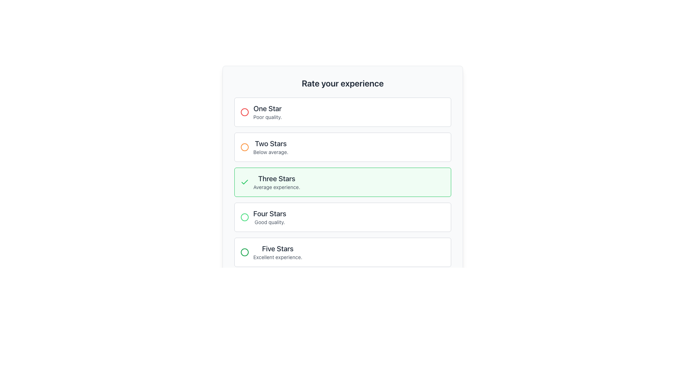  Describe the element at coordinates (271, 147) in the screenshot. I see `label of the Text Block that displays 'Two Stars' and 'Below average.'` at that location.